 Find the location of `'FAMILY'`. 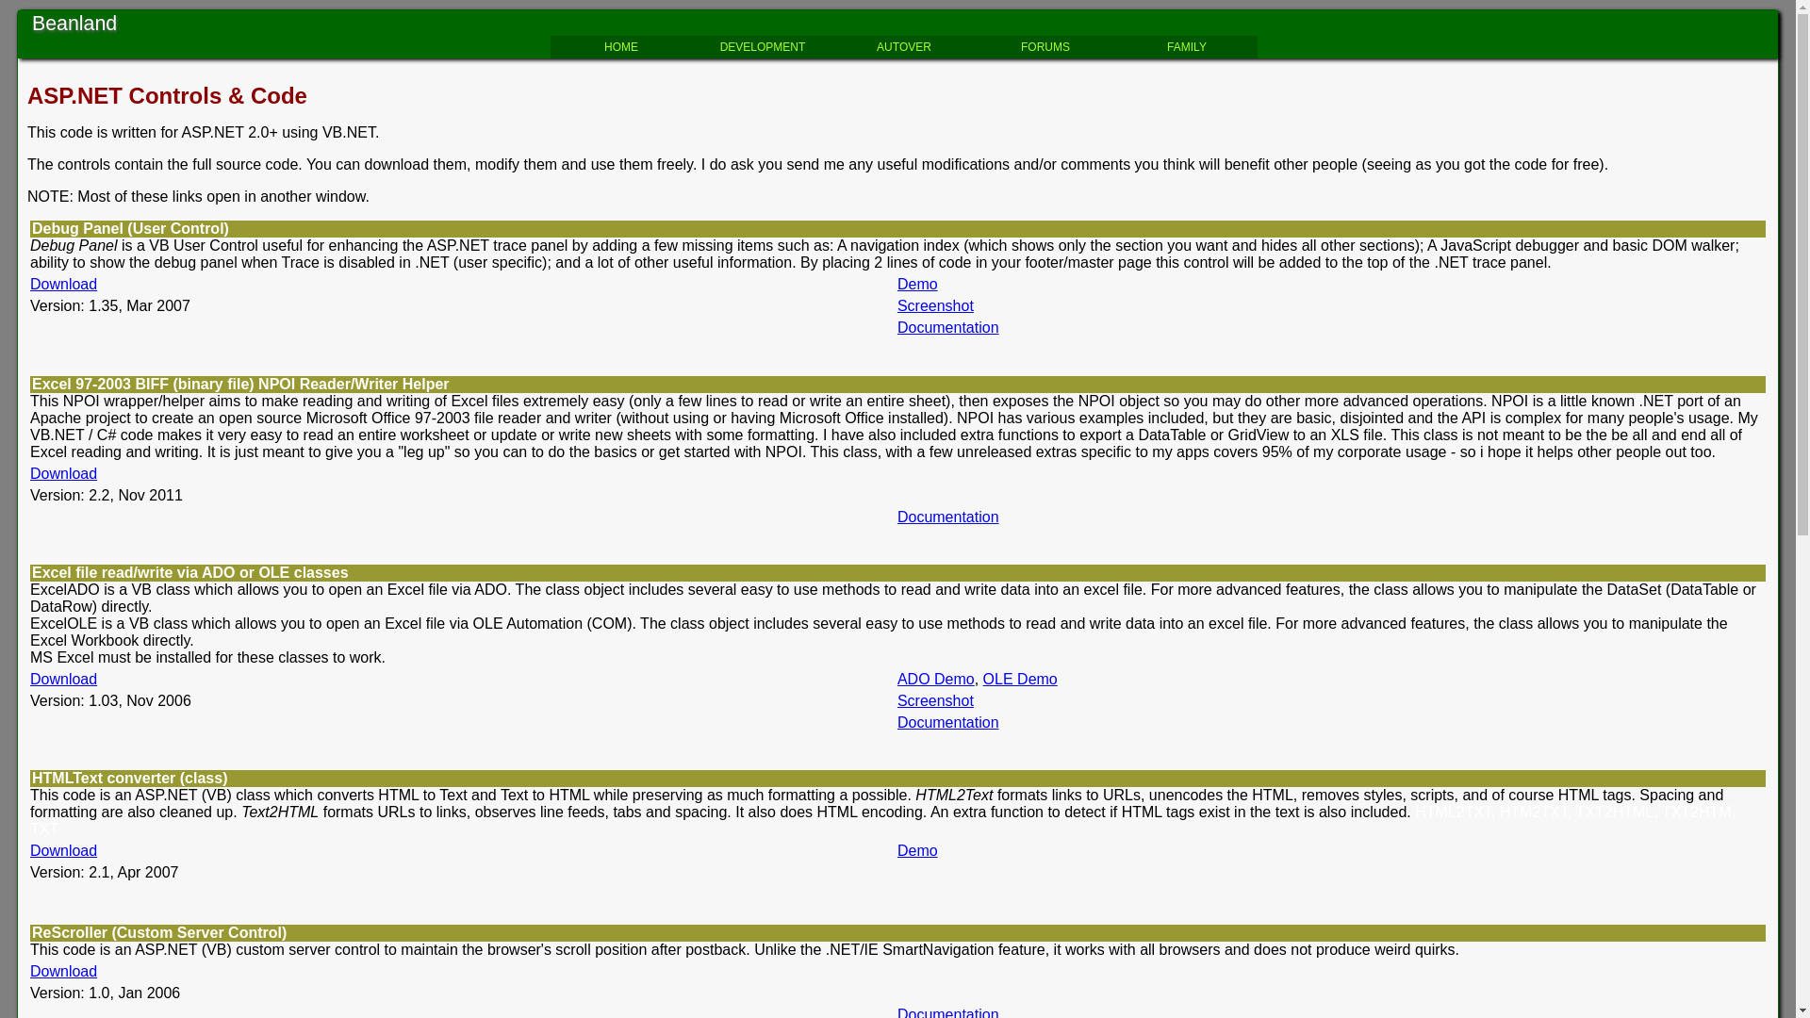

'FAMILY' is located at coordinates (1185, 46).